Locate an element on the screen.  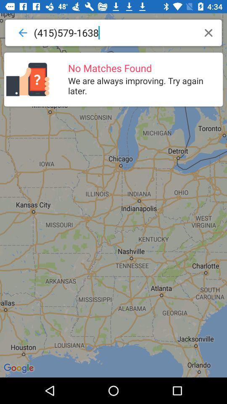
the item above the no matches found is located at coordinates (115, 32).